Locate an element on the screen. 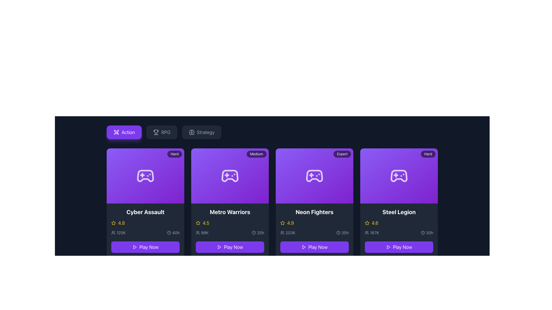 Image resolution: width=552 pixels, height=310 pixels. the numerical rating '4.8' in the footer area of the 'Cyber Assault' card, which is the first card from the left, located next to the star icon is located at coordinates (121, 222).